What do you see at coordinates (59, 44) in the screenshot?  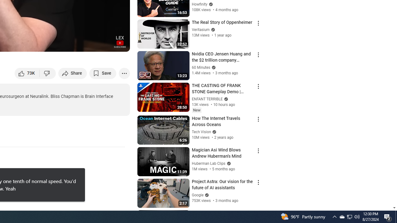 I see `'Subtitles/closed captions unavailable'` at bounding box center [59, 44].